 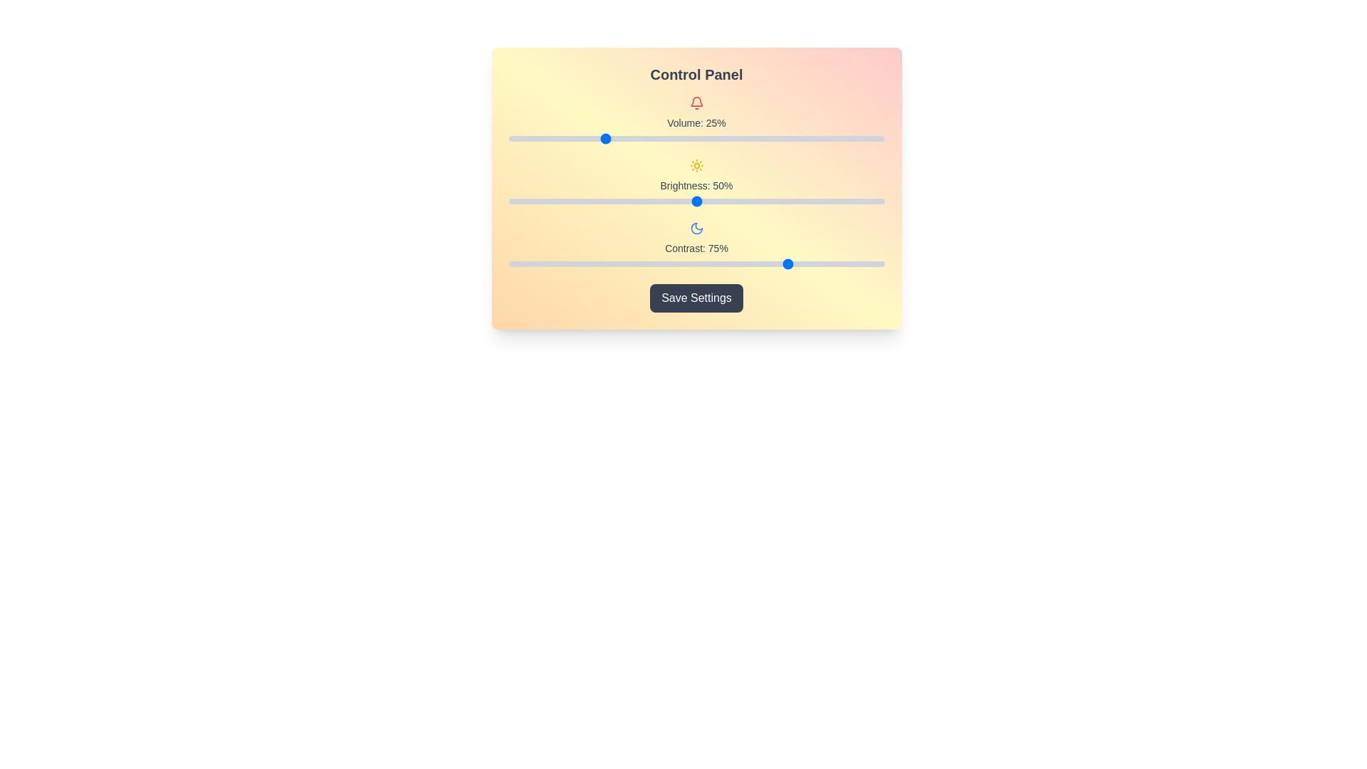 I want to click on the text label displaying 'Volume: 25%' which is located below the bell-shaped icon in the control panel layout, so click(x=696, y=122).